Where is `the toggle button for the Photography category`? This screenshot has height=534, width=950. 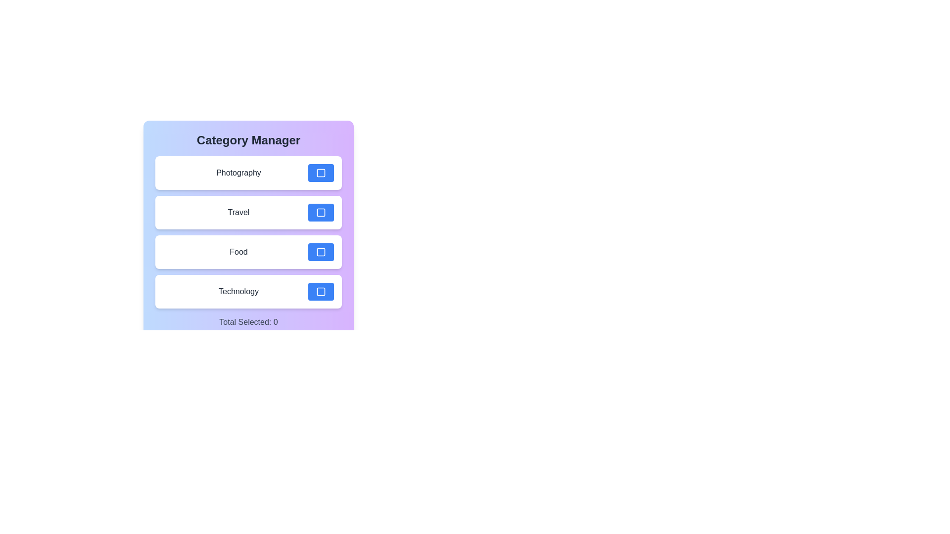
the toggle button for the Photography category is located at coordinates (321, 173).